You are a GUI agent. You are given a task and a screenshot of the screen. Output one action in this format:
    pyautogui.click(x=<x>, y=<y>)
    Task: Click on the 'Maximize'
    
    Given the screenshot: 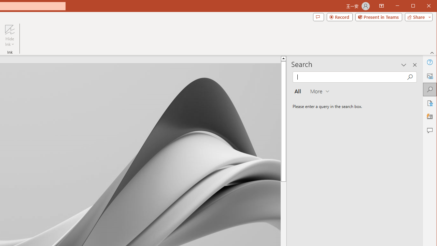 What is the action you would take?
    pyautogui.click(x=423, y=6)
    